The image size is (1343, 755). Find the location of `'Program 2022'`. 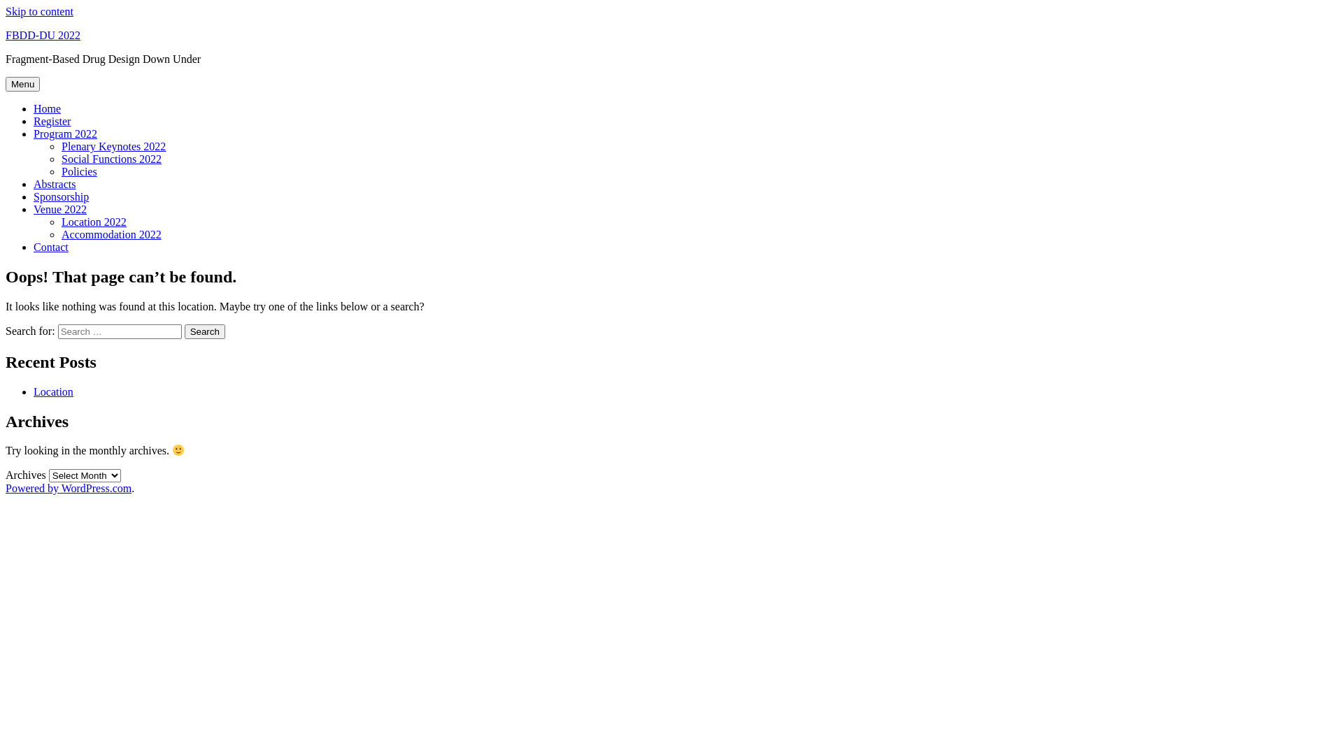

'Program 2022' is located at coordinates (34, 134).